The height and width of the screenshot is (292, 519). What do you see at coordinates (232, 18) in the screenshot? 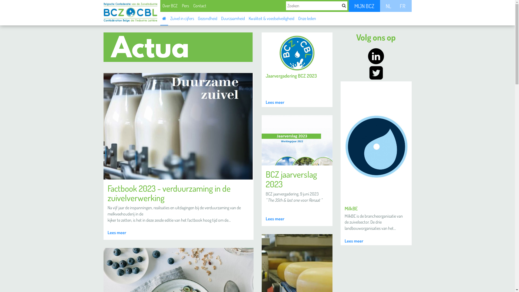
I see `'Duurzaamheid'` at bounding box center [232, 18].